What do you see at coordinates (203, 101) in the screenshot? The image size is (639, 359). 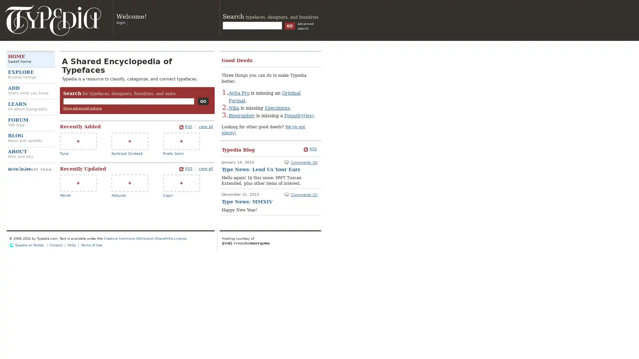 I see `Go` at bounding box center [203, 101].